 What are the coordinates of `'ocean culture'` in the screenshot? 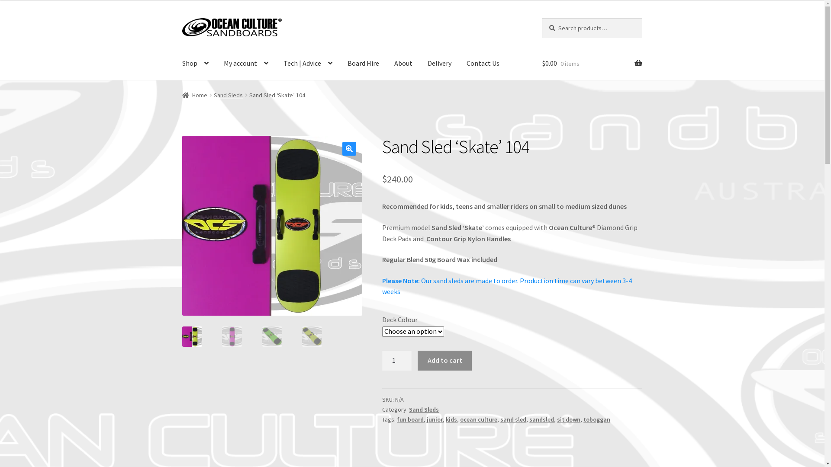 It's located at (478, 419).